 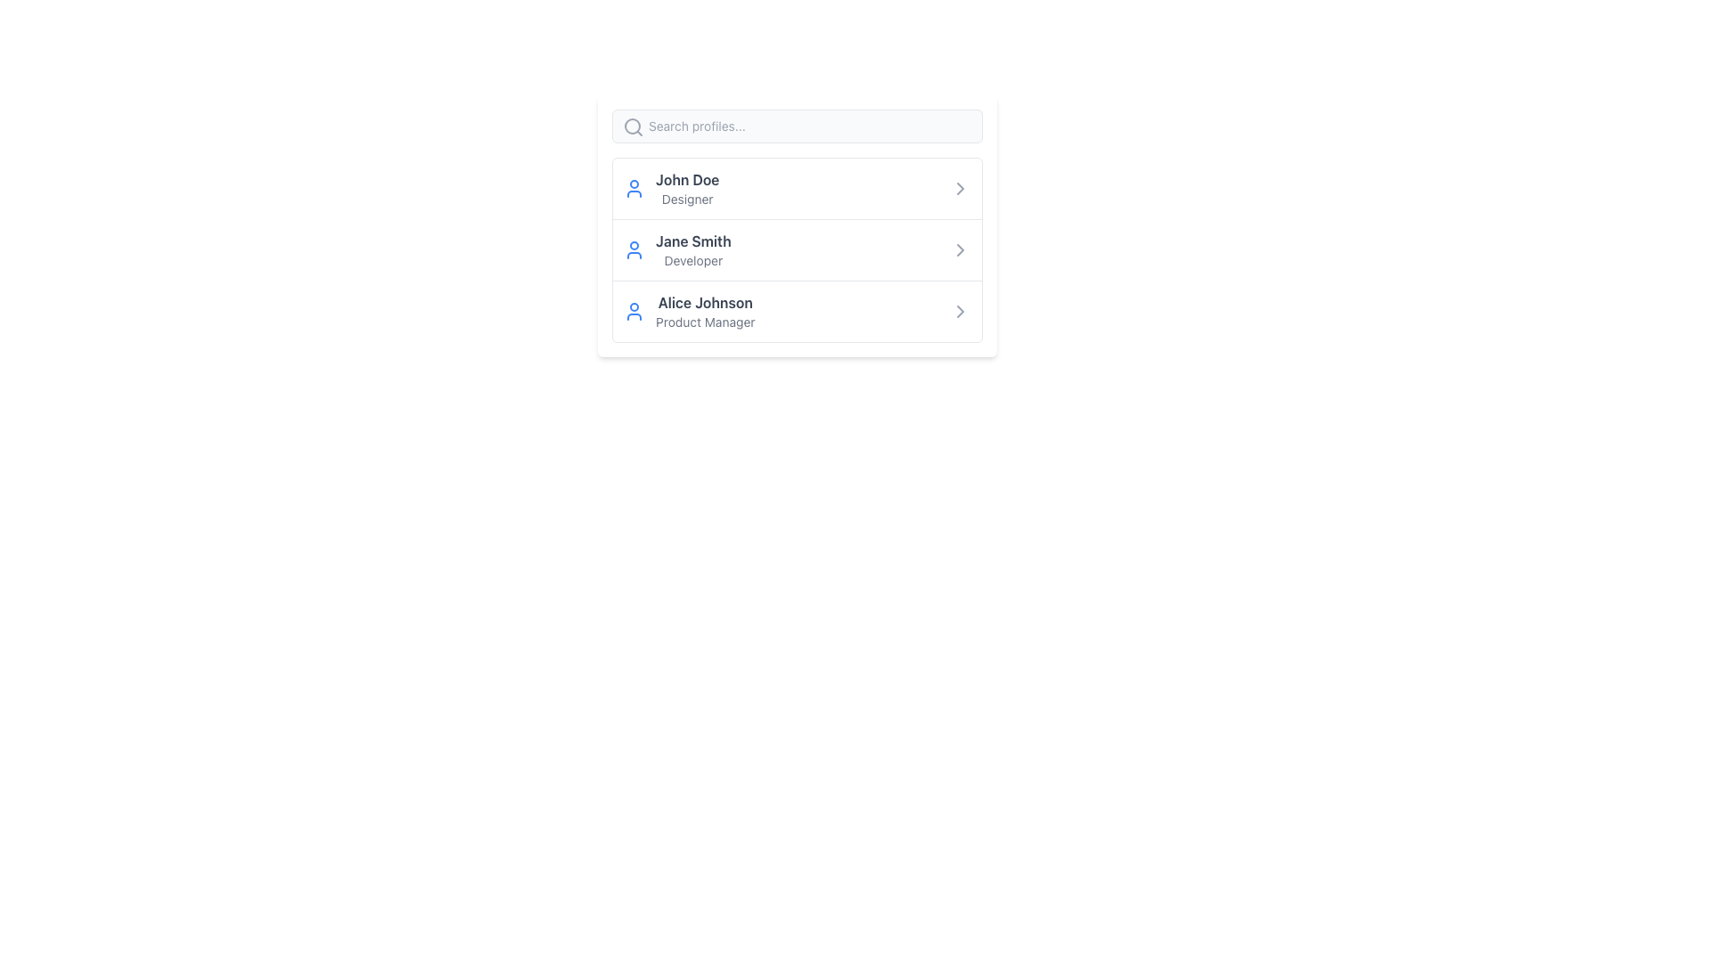 I want to click on the profile entry for 'Alice Johnson - Product Manager' located in the third row of the vertical list, so click(x=796, y=309).